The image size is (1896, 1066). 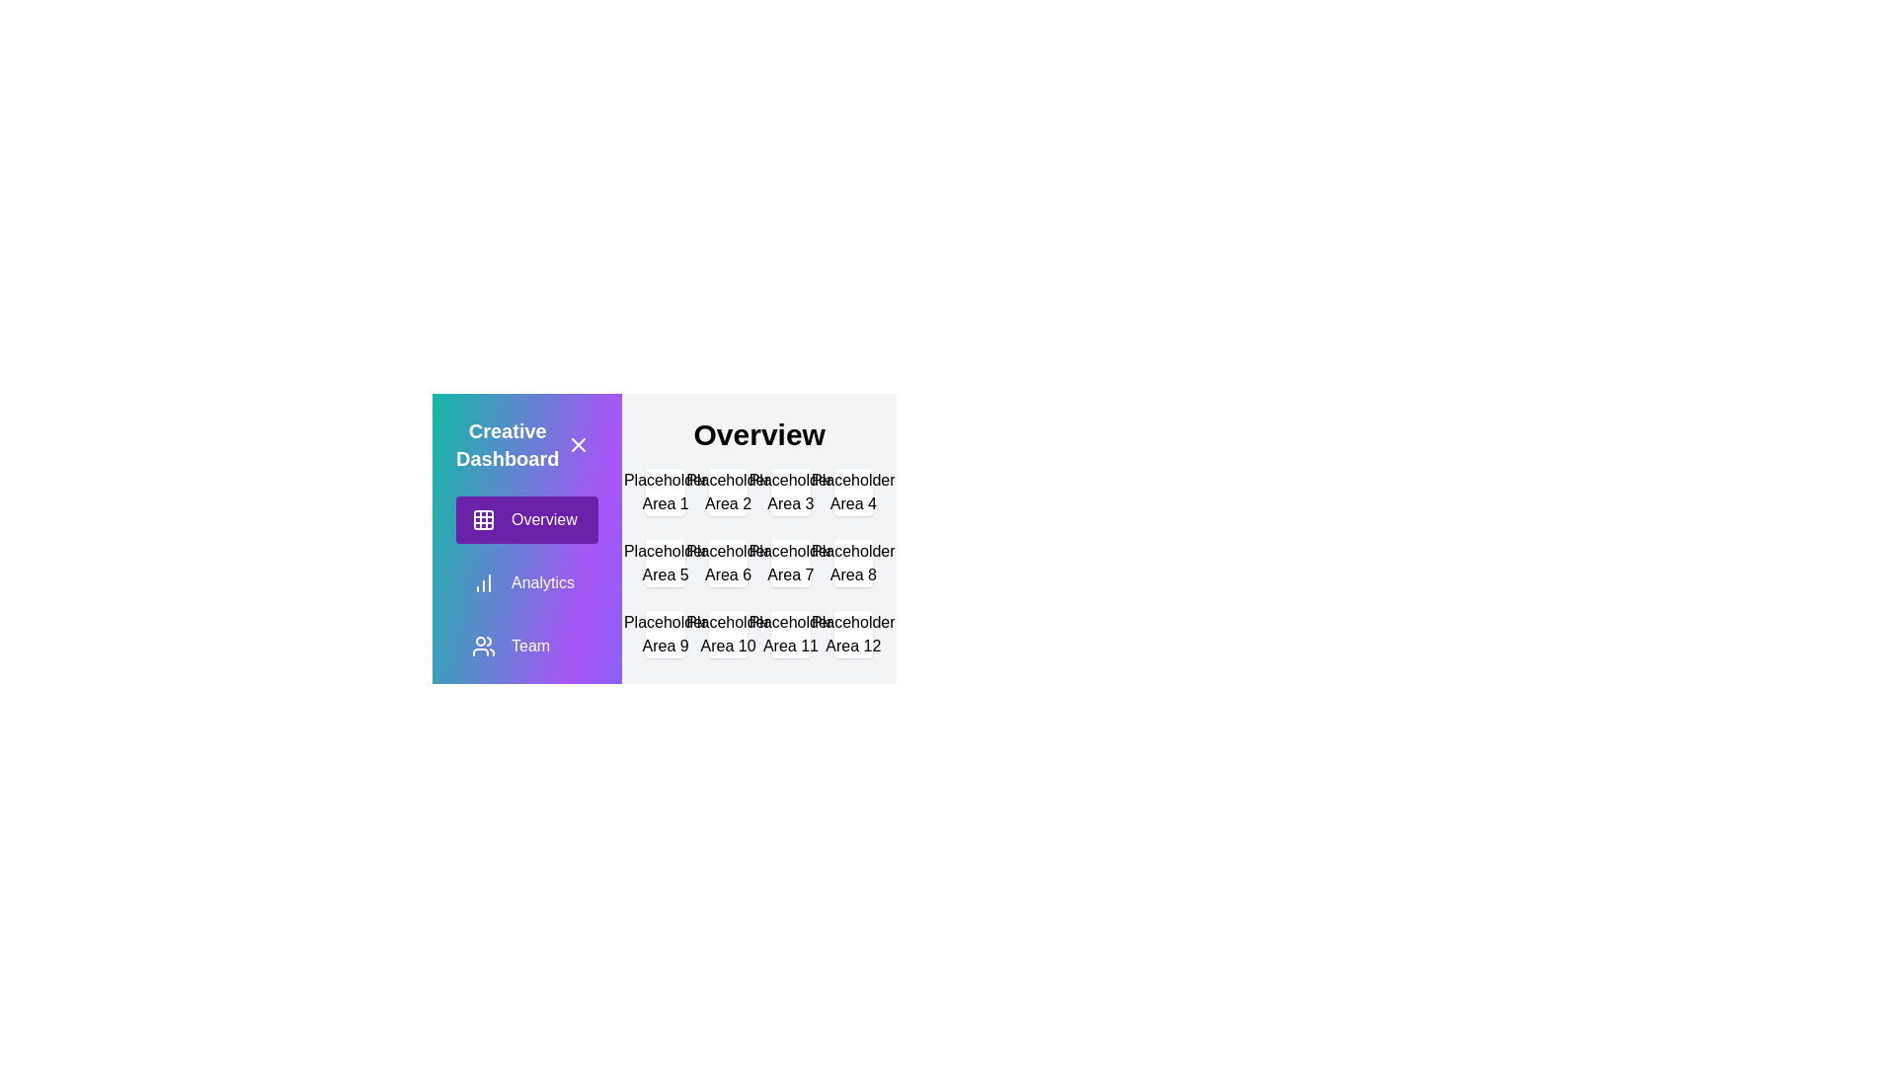 What do you see at coordinates (526, 519) in the screenshot?
I see `the Overview pane by clicking on its menu item` at bounding box center [526, 519].